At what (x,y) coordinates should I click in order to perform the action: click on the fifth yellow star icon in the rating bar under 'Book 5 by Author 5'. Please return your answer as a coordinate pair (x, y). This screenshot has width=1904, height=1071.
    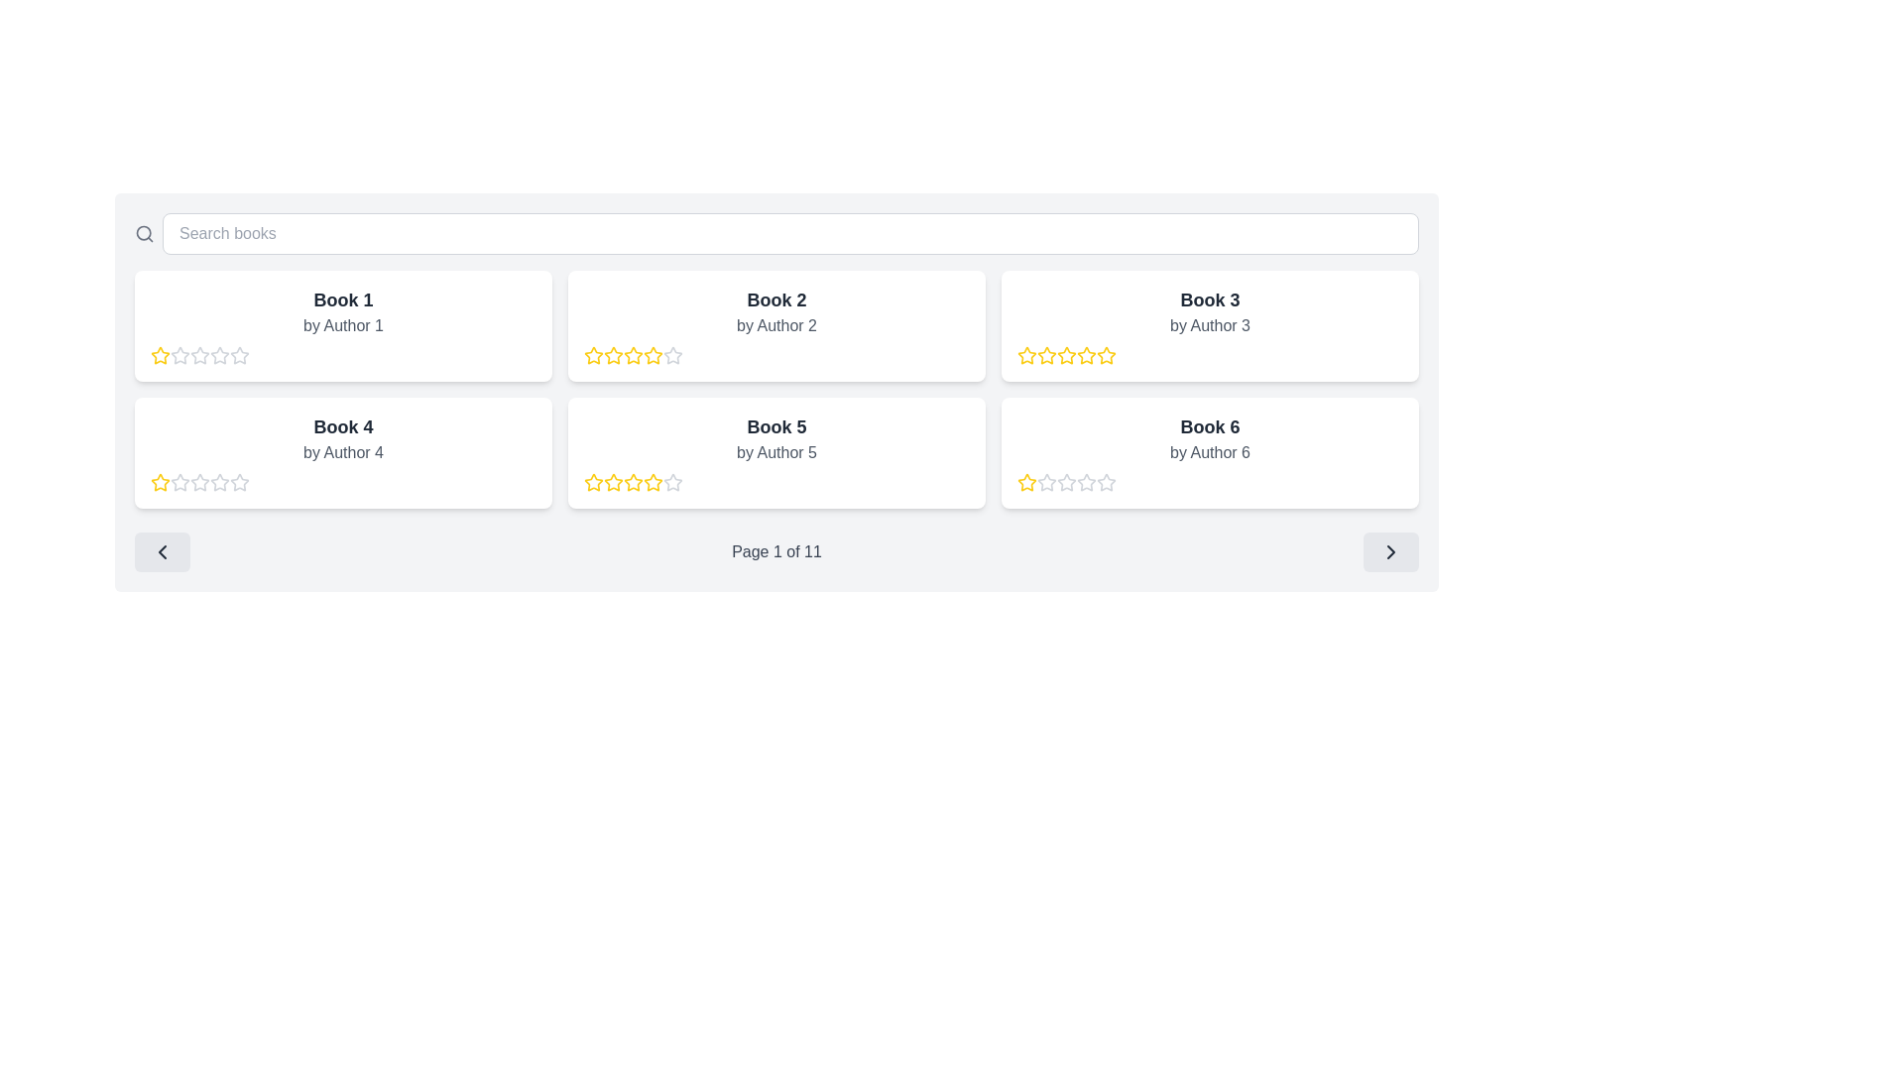
    Looking at the image, I should click on (653, 482).